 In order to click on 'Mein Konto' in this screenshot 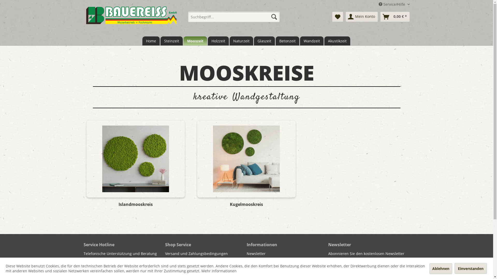, I will do `click(345, 17)`.